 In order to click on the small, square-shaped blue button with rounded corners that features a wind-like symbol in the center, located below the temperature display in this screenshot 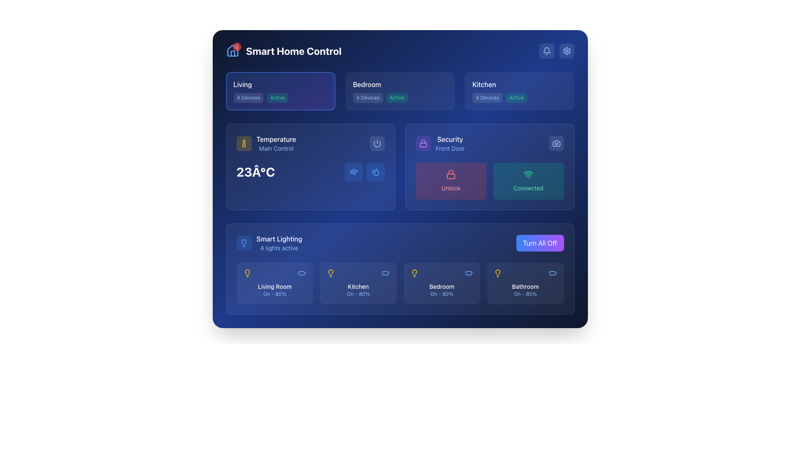, I will do `click(353, 172)`.